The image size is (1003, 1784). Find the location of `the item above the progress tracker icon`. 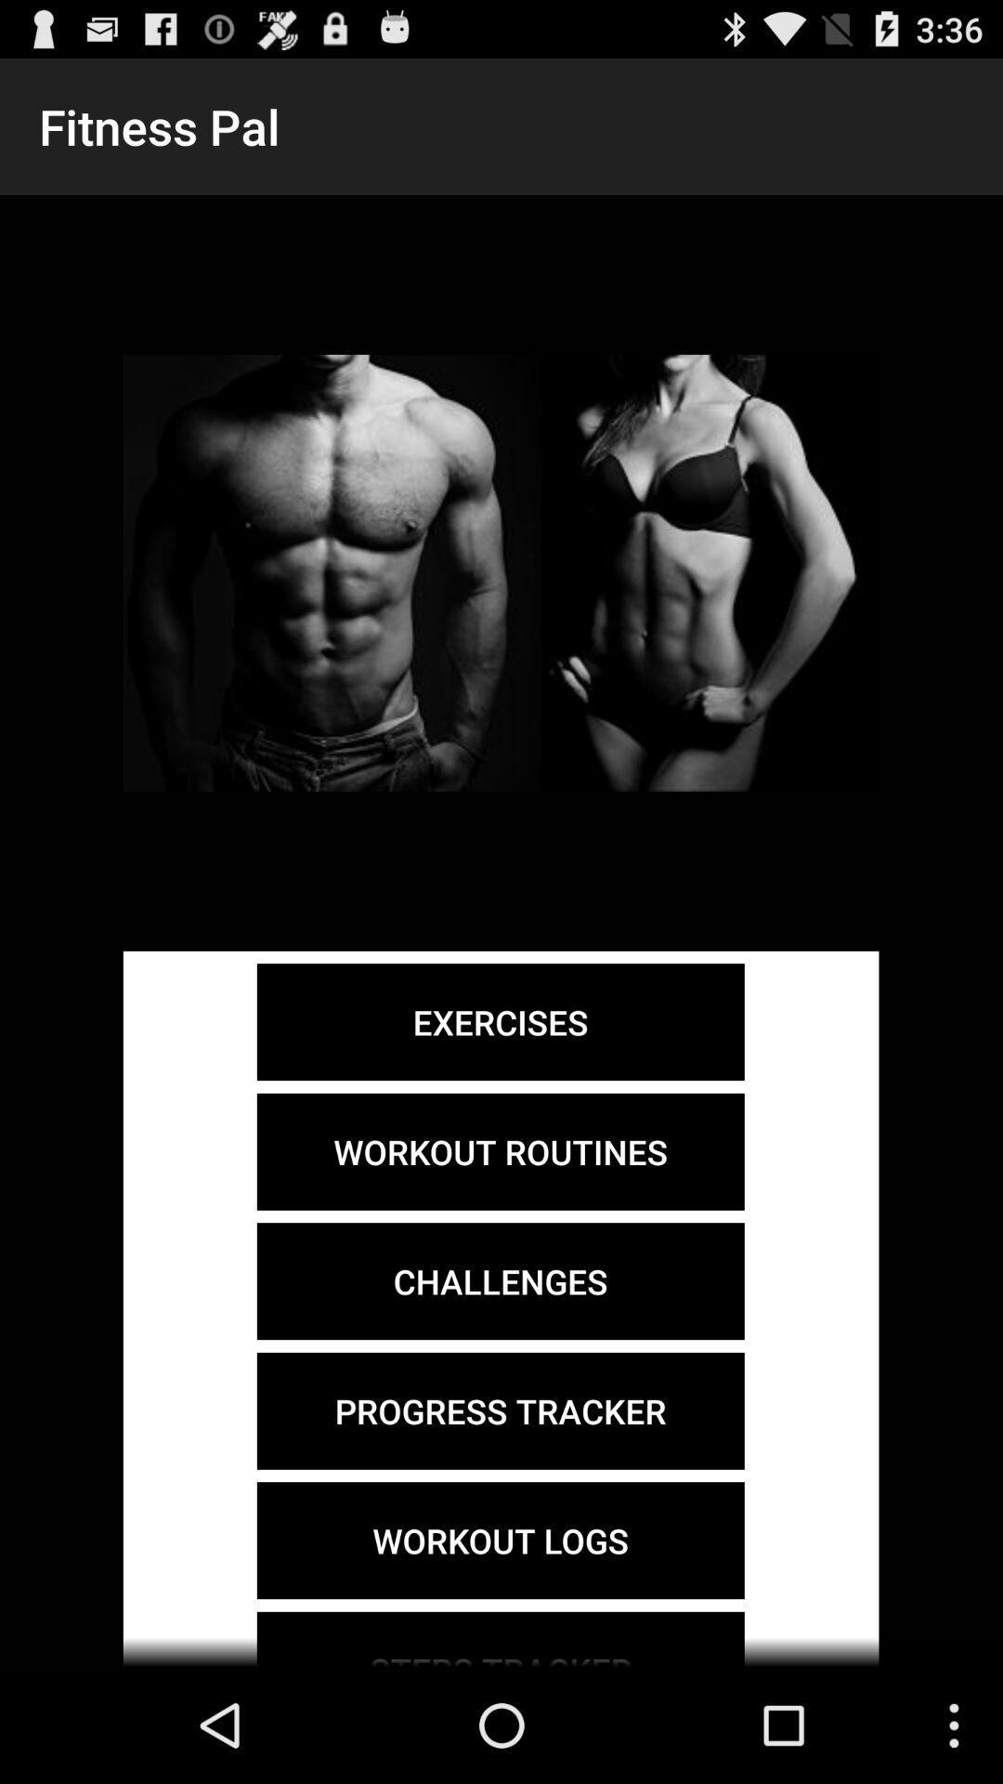

the item above the progress tracker icon is located at coordinates (500, 1280).